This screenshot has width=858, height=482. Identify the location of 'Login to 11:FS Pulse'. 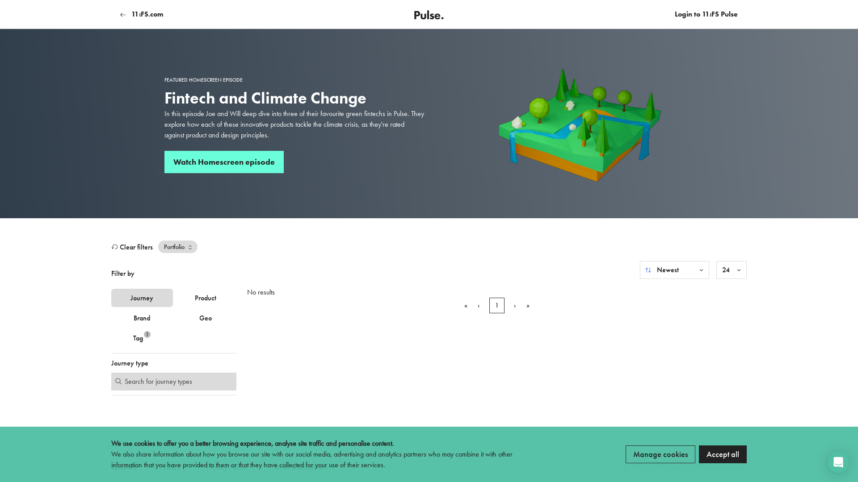
(706, 14).